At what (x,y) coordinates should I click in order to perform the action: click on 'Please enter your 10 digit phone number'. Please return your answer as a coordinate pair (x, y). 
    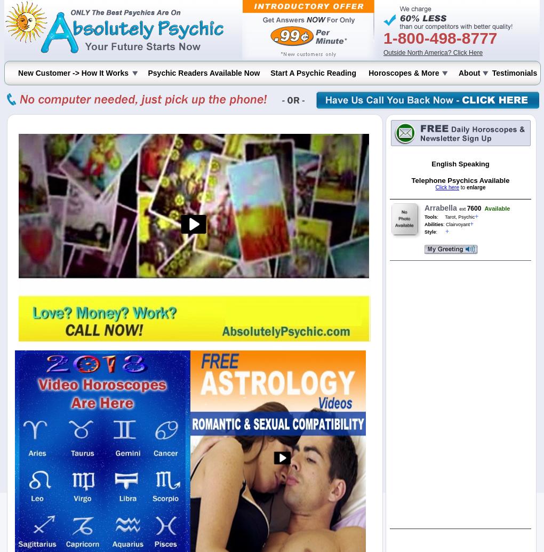
    Looking at the image, I should click on (106, 46).